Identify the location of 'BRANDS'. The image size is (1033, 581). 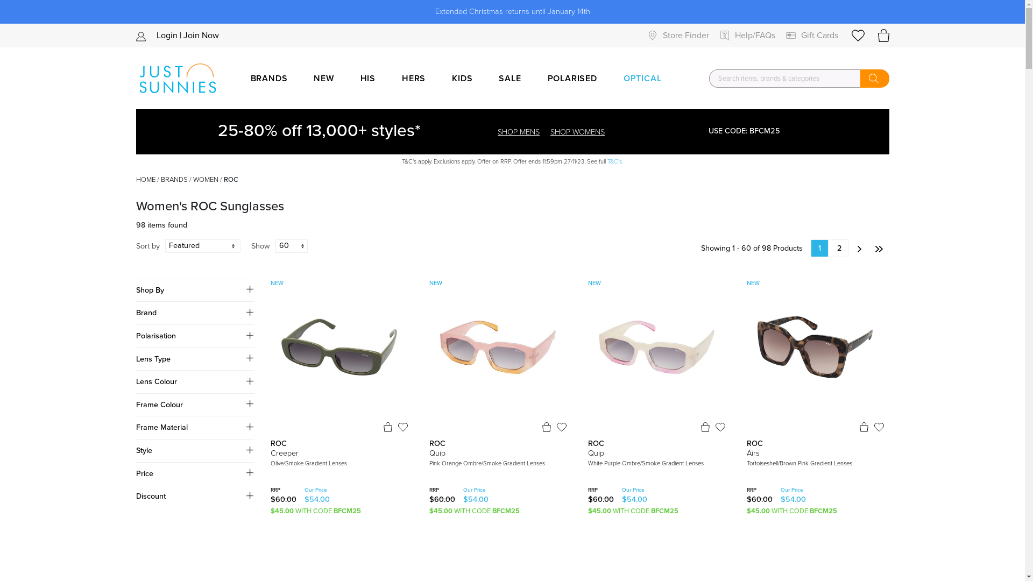
(173, 179).